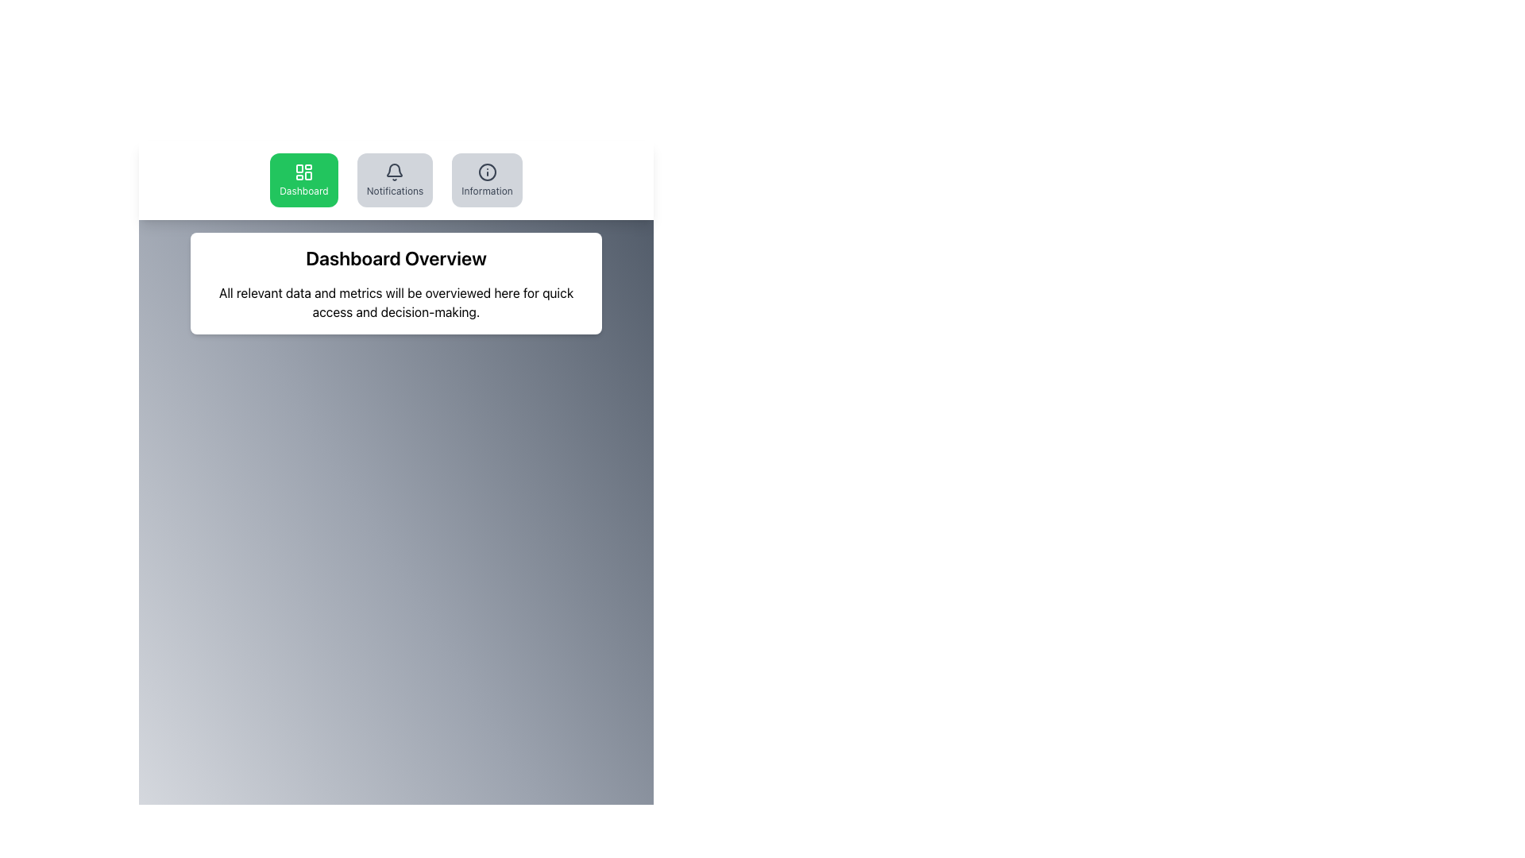  I want to click on the notification icon, which is a bell-shaped icon representing notifications, located in the top toolbar of the UI, so click(395, 170).